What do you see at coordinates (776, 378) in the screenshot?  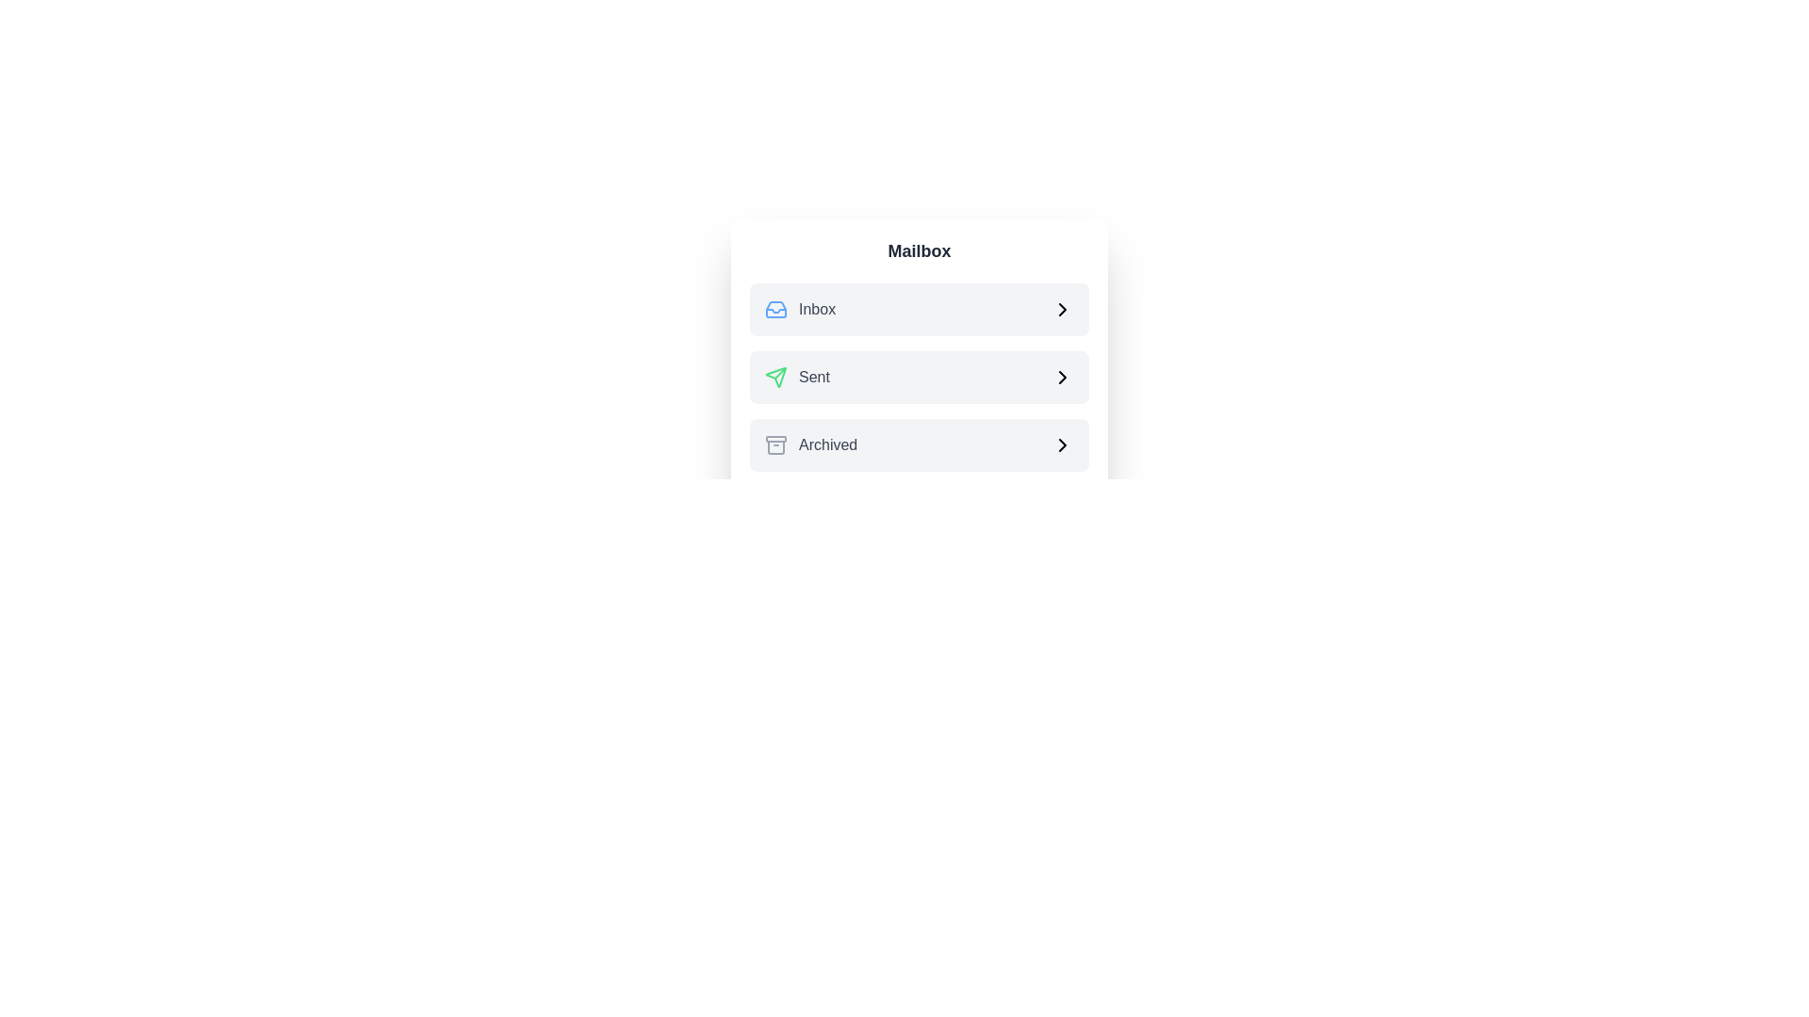 I see `the green and white paper plane icon` at bounding box center [776, 378].